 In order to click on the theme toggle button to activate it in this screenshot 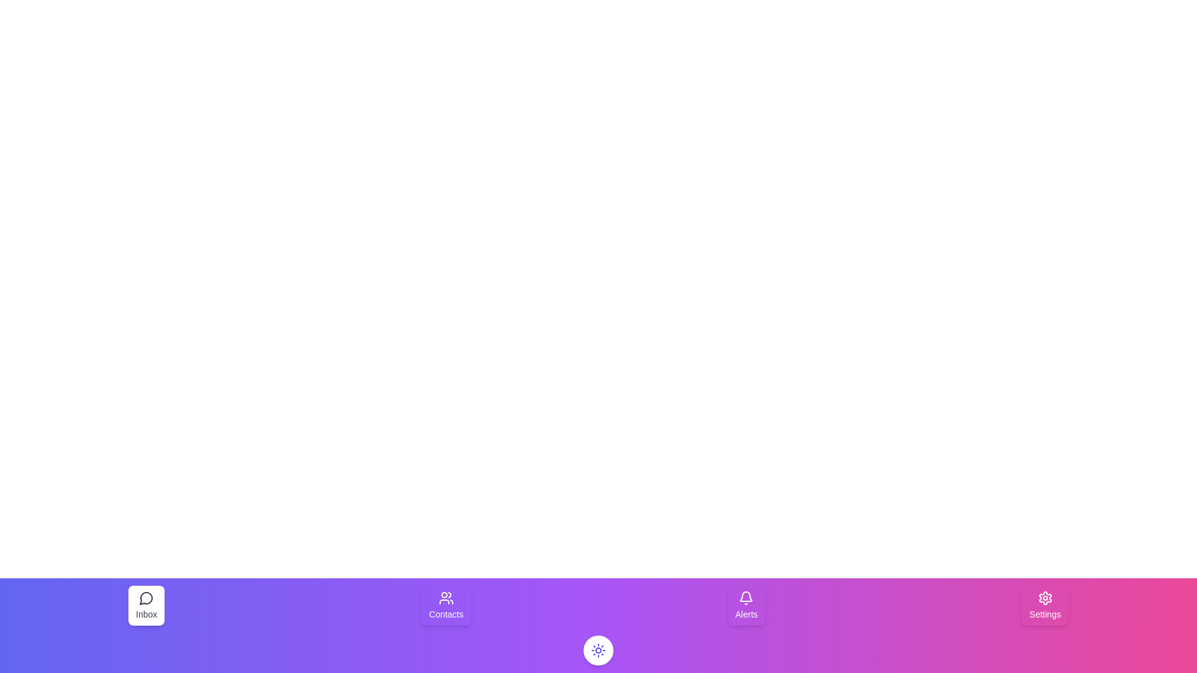, I will do `click(598, 650)`.